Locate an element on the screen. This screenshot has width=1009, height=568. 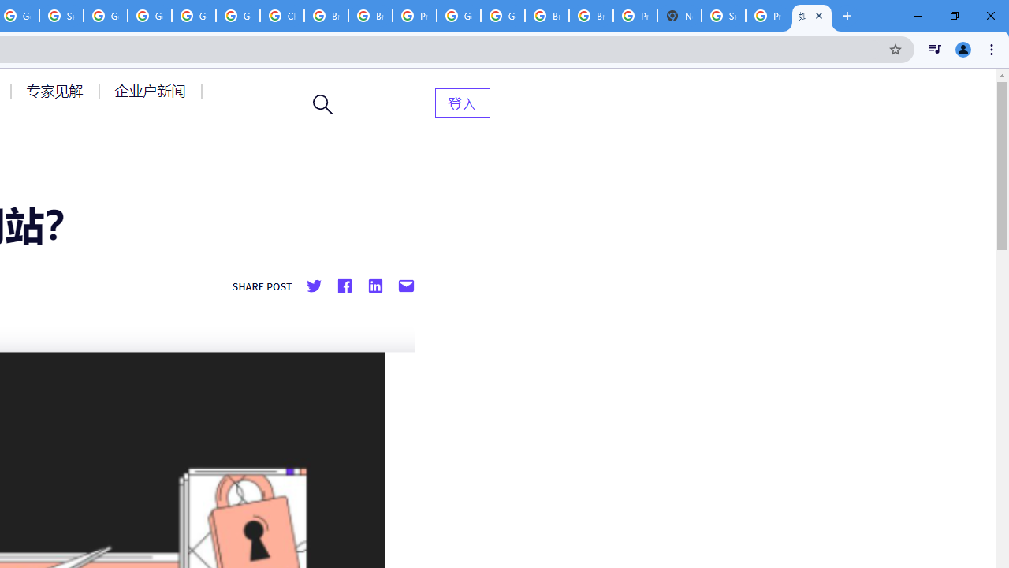
'Browse Chrome as a guest - Computer - Google Chrome Help' is located at coordinates (326, 16).